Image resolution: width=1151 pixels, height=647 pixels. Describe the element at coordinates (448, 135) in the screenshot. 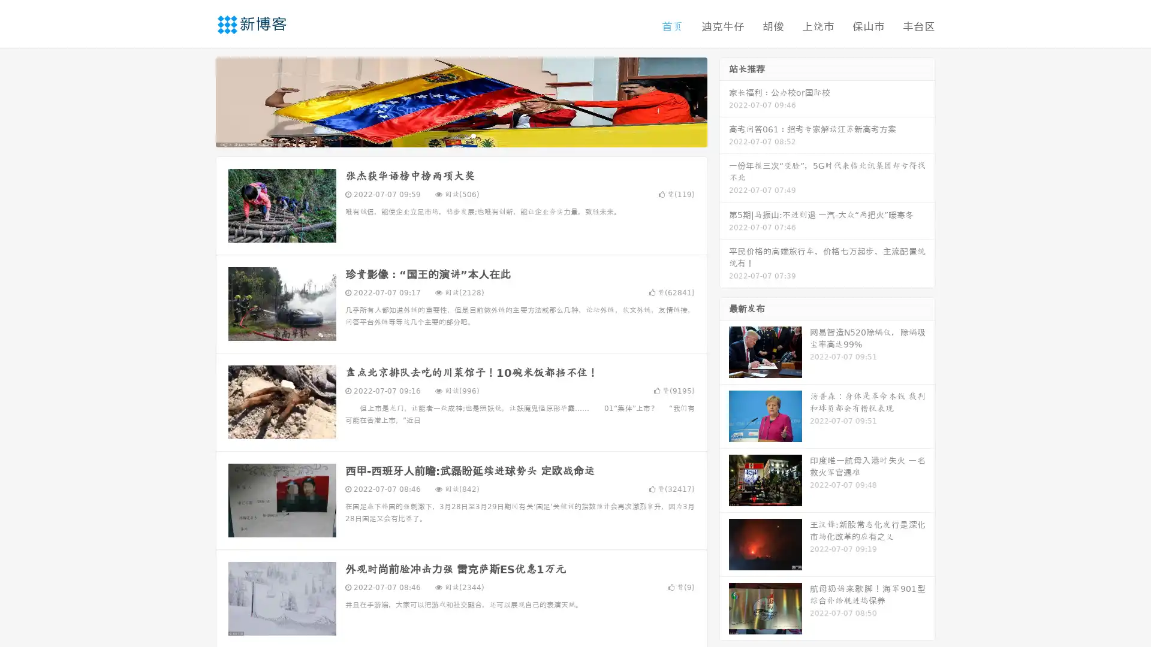

I see `Go to slide 1` at that location.